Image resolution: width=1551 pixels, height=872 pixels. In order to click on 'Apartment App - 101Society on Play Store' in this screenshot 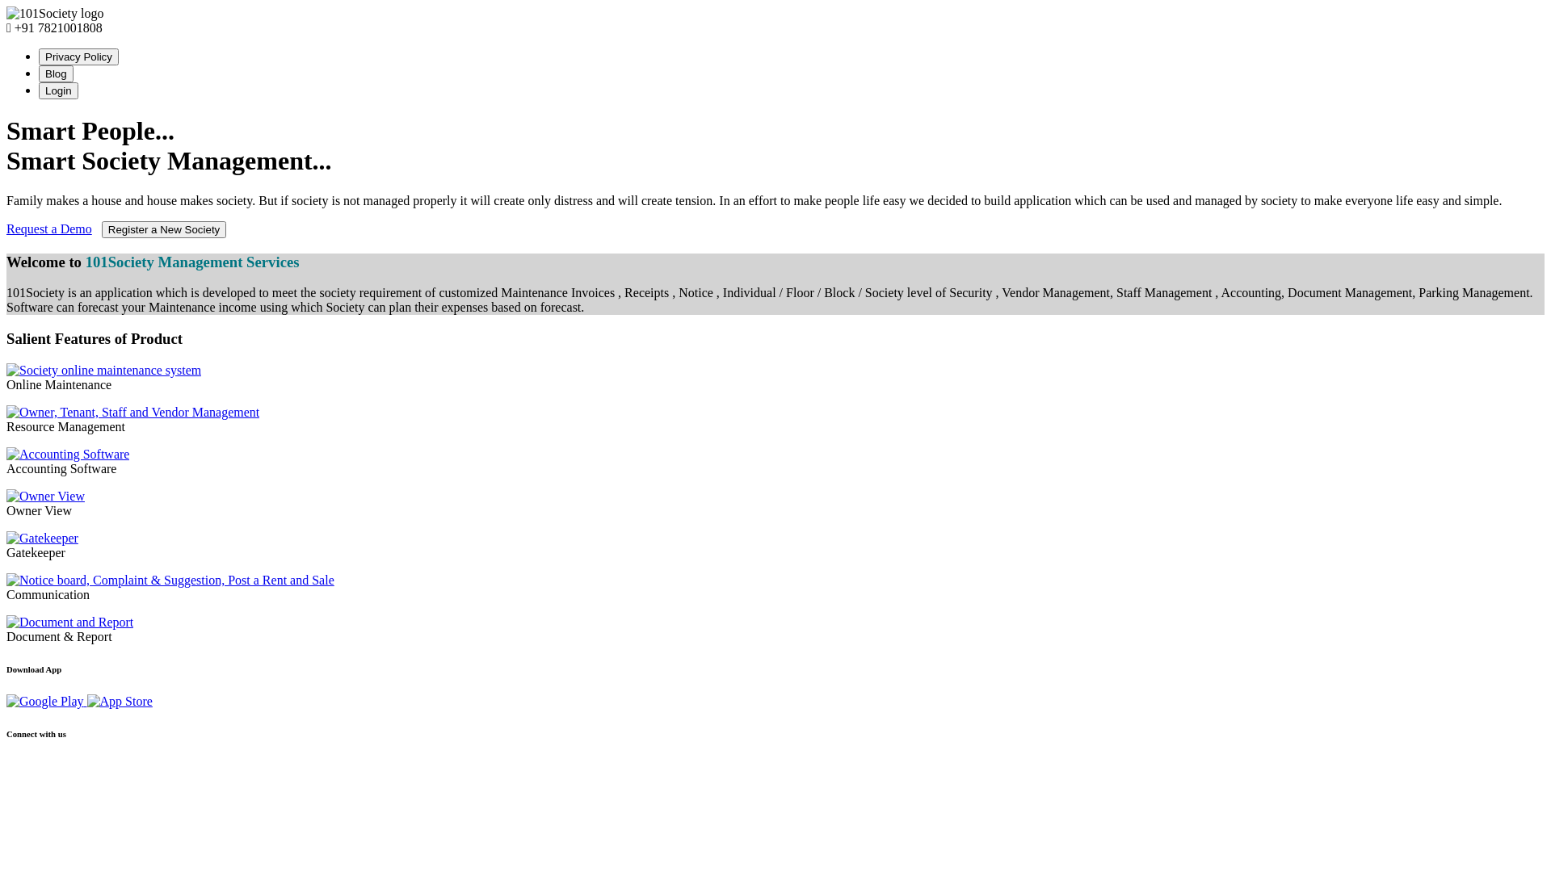, I will do `click(6, 700)`.